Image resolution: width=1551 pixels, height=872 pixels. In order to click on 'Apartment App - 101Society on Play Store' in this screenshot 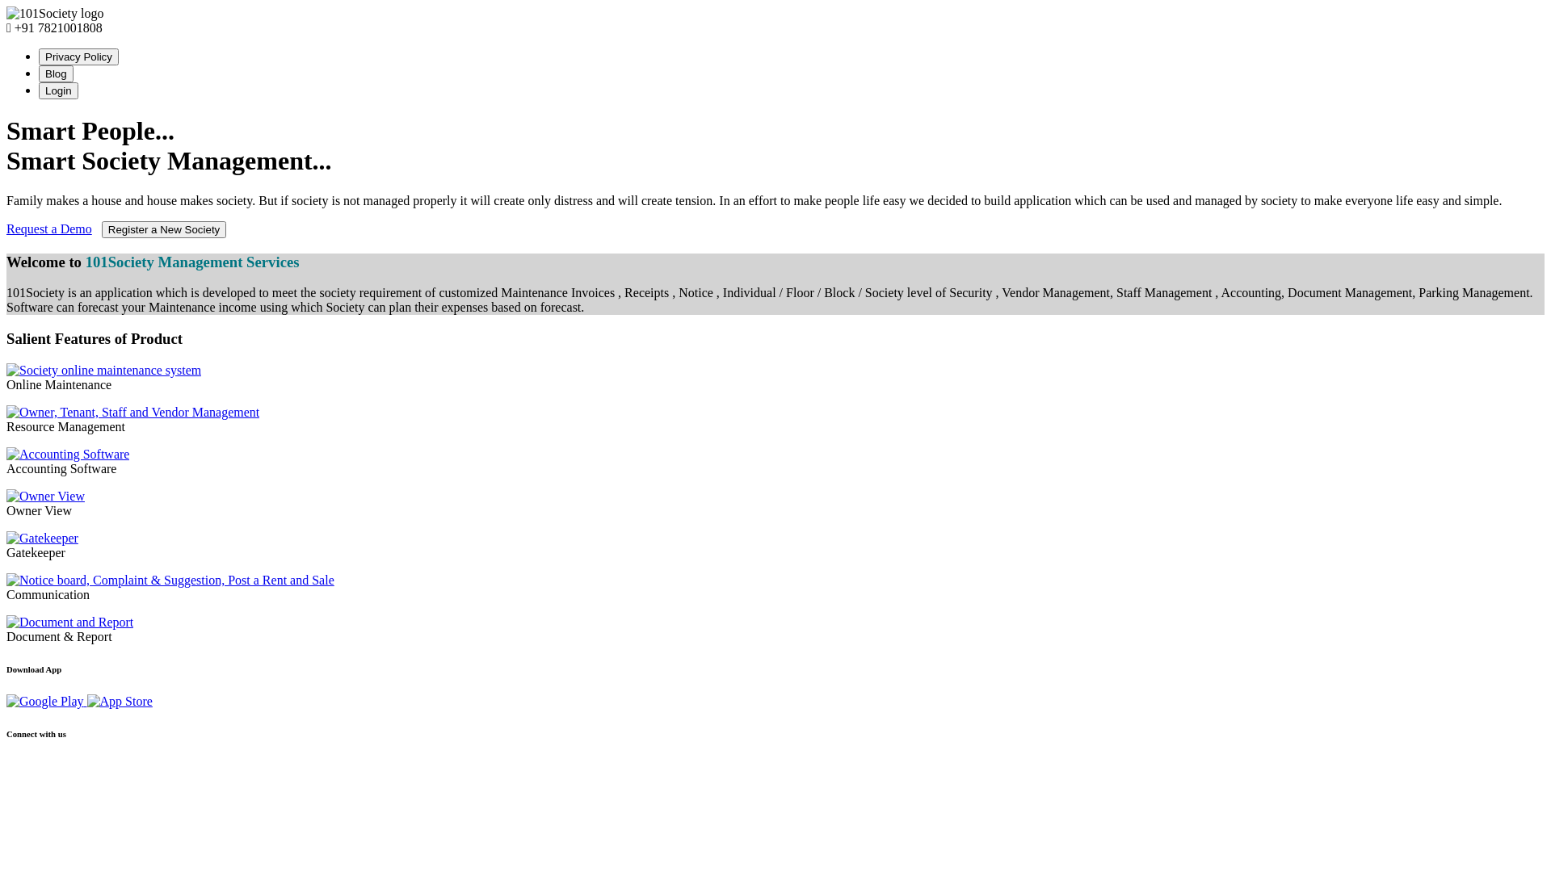, I will do `click(6, 700)`.